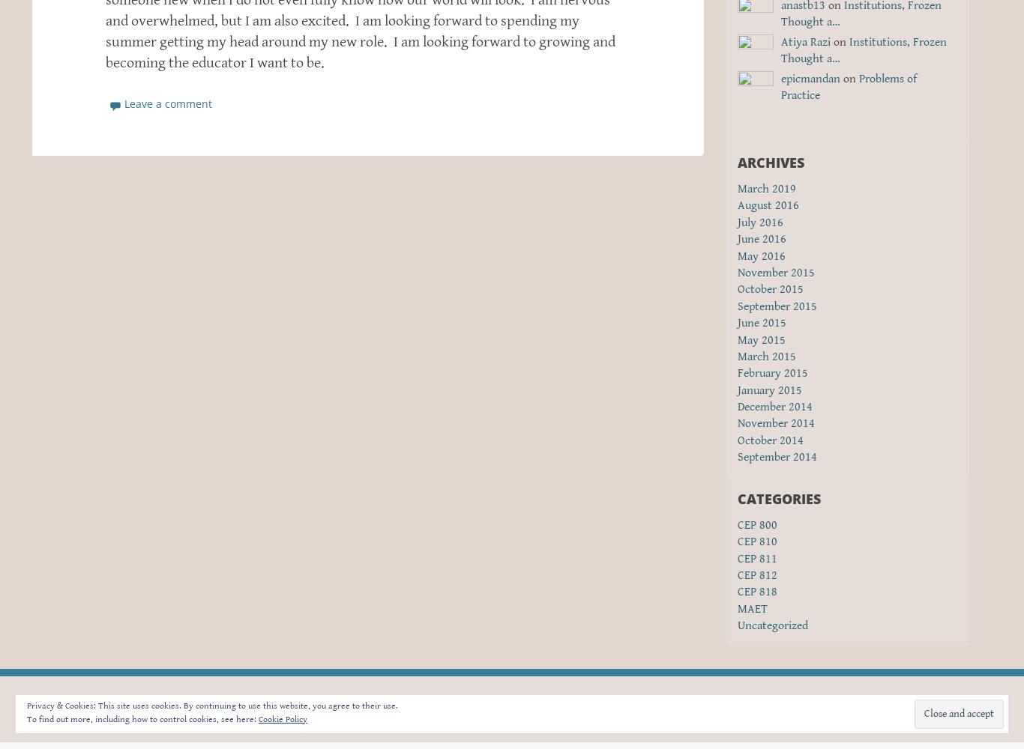 This screenshot has width=1024, height=749. I want to click on 'July 2016', so click(760, 222).